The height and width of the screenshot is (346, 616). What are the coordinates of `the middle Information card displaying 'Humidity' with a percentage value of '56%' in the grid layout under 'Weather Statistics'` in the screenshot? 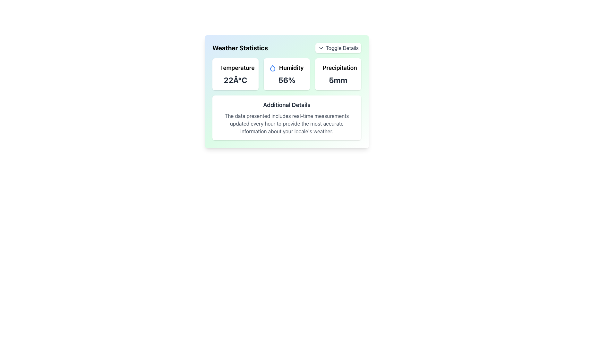 It's located at (286, 74).